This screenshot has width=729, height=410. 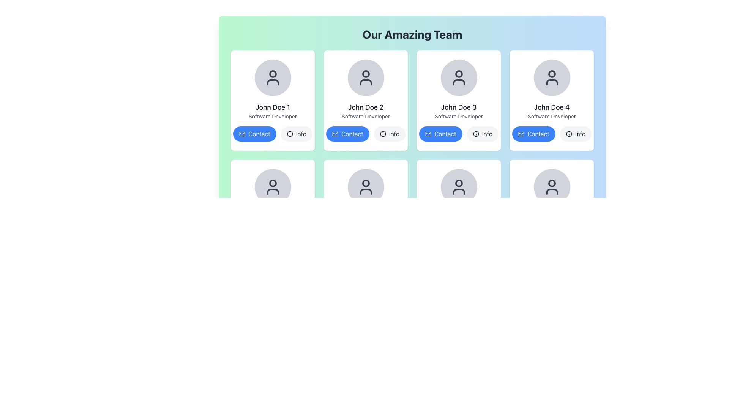 What do you see at coordinates (458, 107) in the screenshot?
I see `the text label identifying a team member, located in the second row and third column of a 2x4 grid layout` at bounding box center [458, 107].